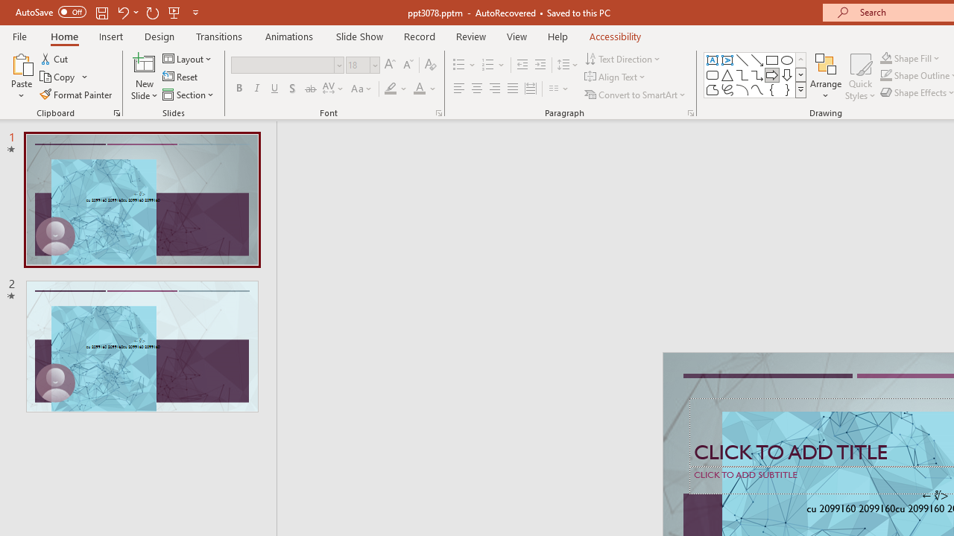 The image size is (954, 536). What do you see at coordinates (935, 496) in the screenshot?
I see `'TextBox 7'` at bounding box center [935, 496].